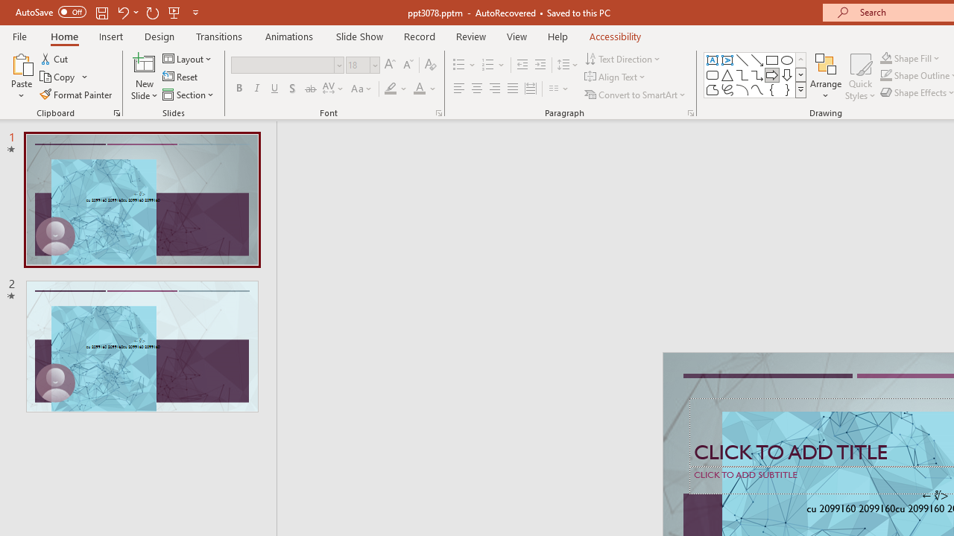 The image size is (954, 536). What do you see at coordinates (935, 496) in the screenshot?
I see `'TextBox 7'` at bounding box center [935, 496].